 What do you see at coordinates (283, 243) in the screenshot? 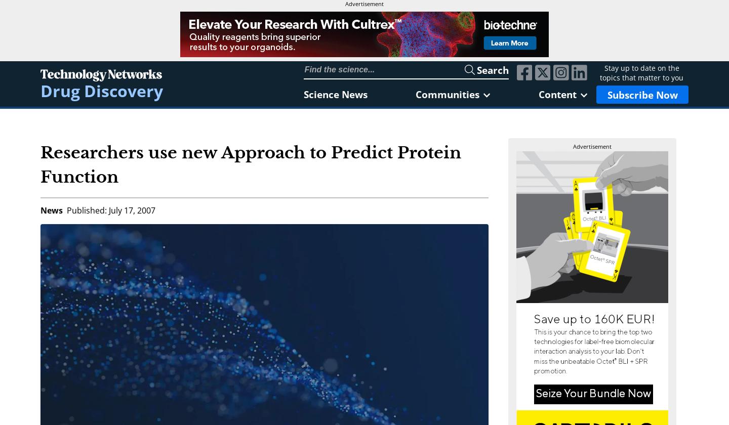
I see `'Immunology & Microbiology'` at bounding box center [283, 243].